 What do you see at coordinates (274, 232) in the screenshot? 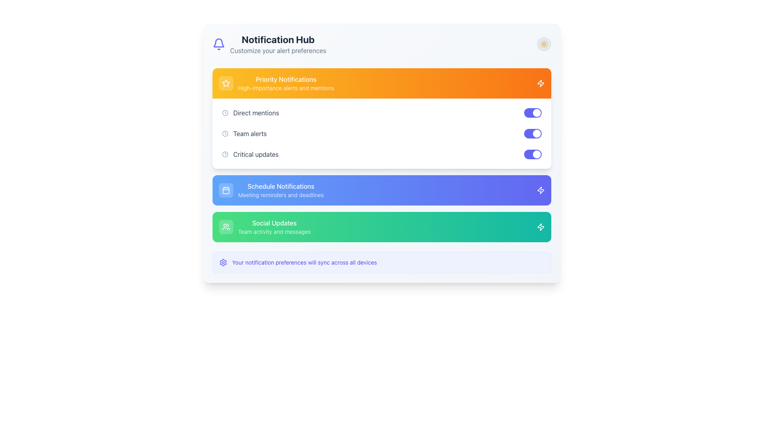
I see `the Text Label that provides additional context for the 'Social Updates' section, located directly below the heading 'Social Updates'` at bounding box center [274, 232].